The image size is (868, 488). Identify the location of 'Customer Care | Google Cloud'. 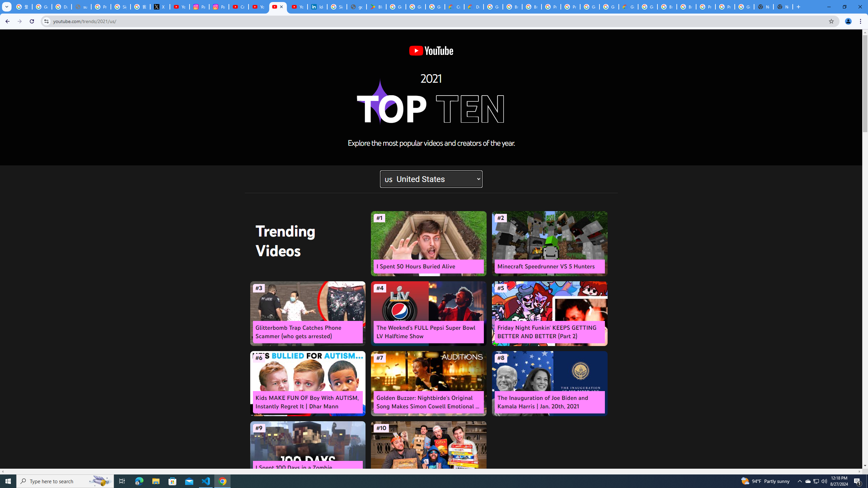
(454, 6).